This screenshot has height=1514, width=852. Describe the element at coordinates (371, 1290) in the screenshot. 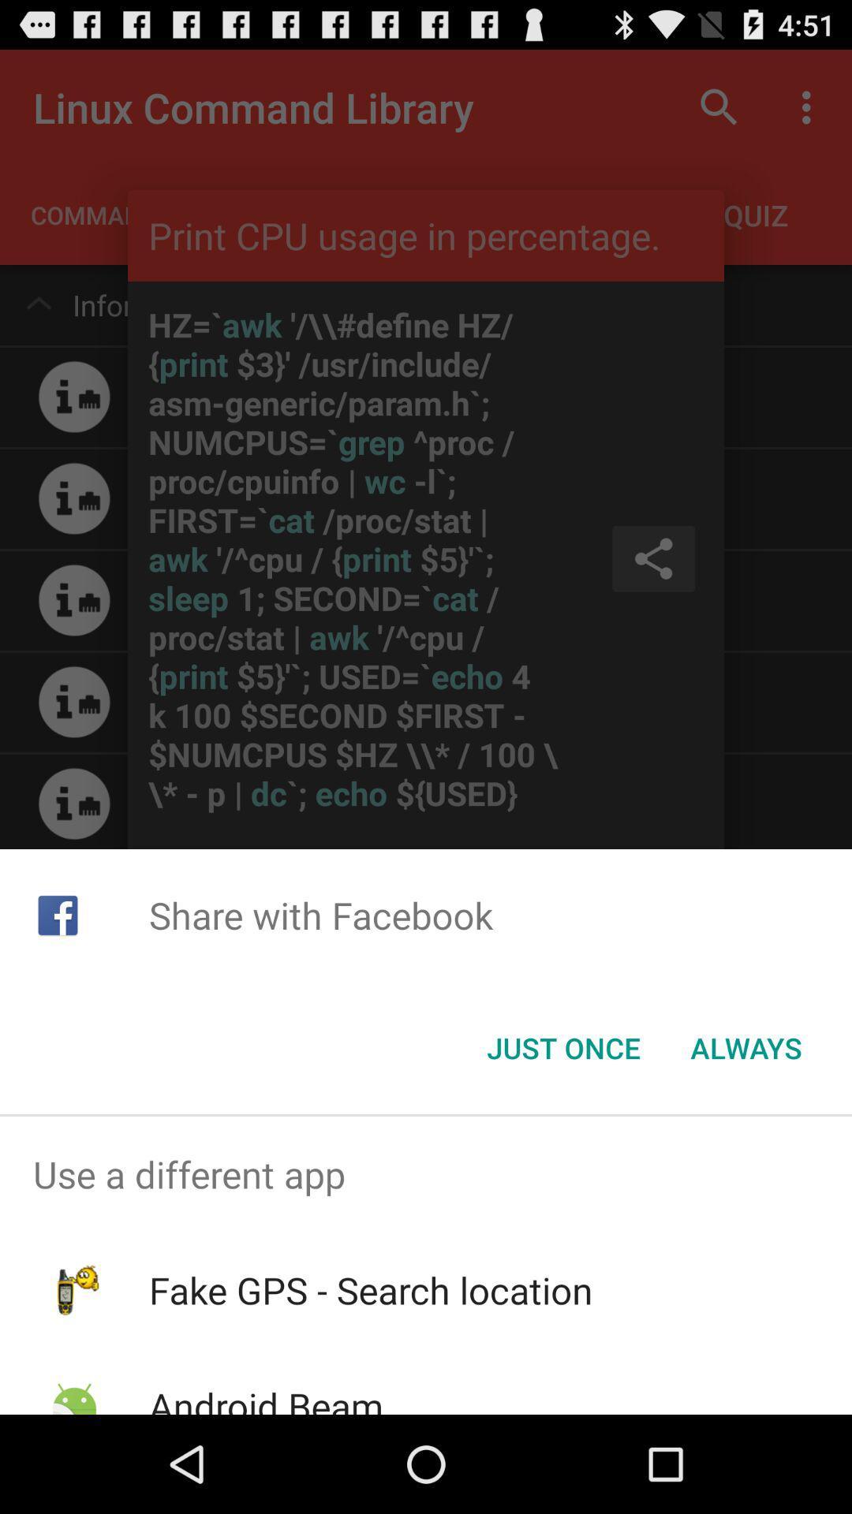

I see `icon above android beam` at that location.